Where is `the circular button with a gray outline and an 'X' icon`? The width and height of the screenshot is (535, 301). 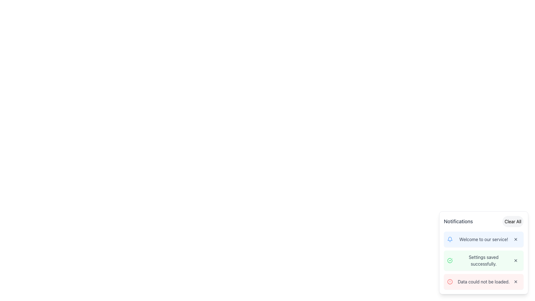 the circular button with a gray outline and an 'X' icon is located at coordinates (515, 281).